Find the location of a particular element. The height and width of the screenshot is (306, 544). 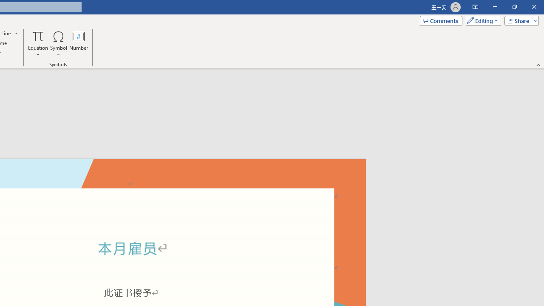

'Equation' is located at coordinates (38, 44).